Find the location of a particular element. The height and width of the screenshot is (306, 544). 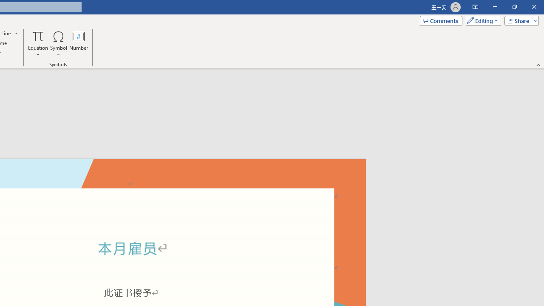

'Equation' is located at coordinates (38, 44).